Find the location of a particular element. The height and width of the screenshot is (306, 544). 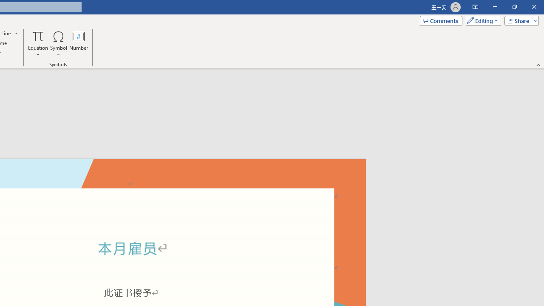

'Equation' is located at coordinates (38, 44).